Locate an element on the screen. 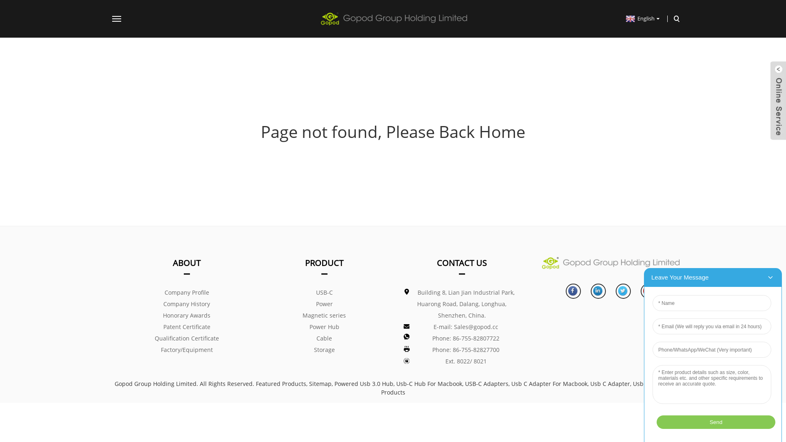 This screenshot has width=786, height=442. 'Honorary Awards' is located at coordinates (186, 315).